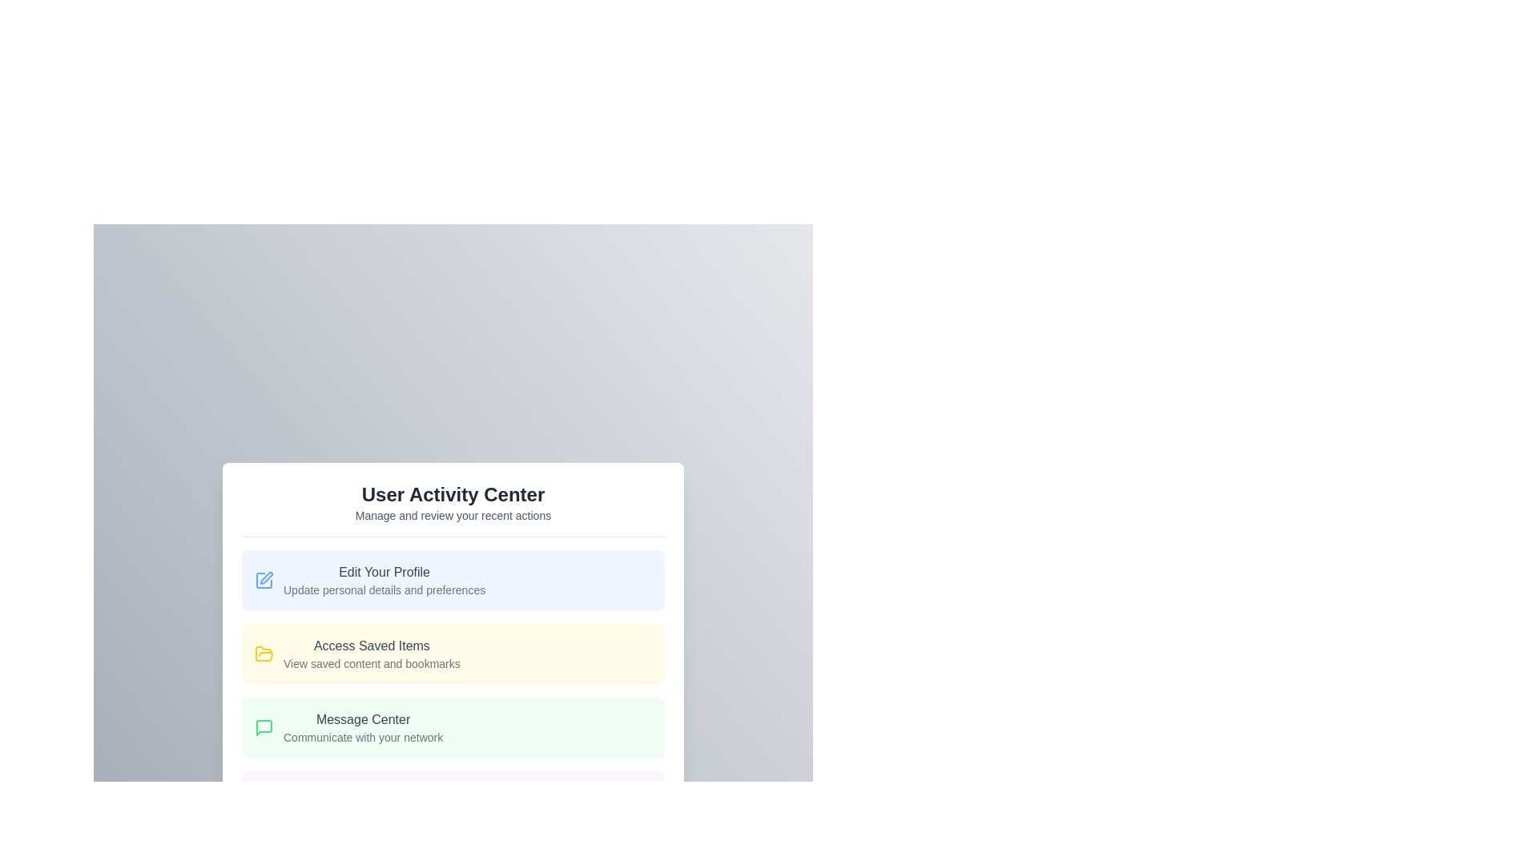 The image size is (1538, 865). What do you see at coordinates (453, 509) in the screenshot?
I see `information presented in the header that serves as a title and introductory section for the functionality of the subsequent elements` at bounding box center [453, 509].